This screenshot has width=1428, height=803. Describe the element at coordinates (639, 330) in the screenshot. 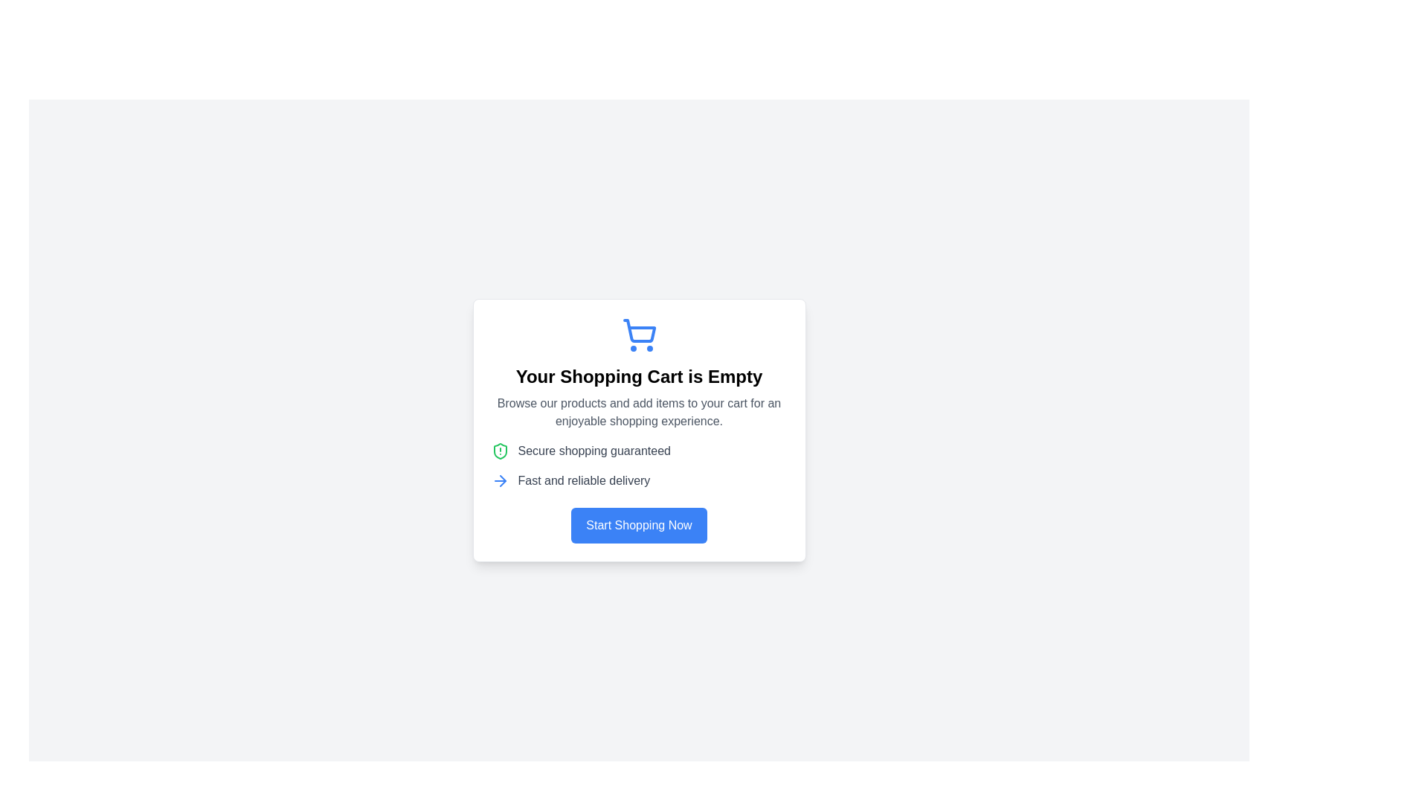

I see `the curved rectangular section of the shopping cart icon, which forms the body of the cart and is styled in blue within the SVG graphic` at that location.